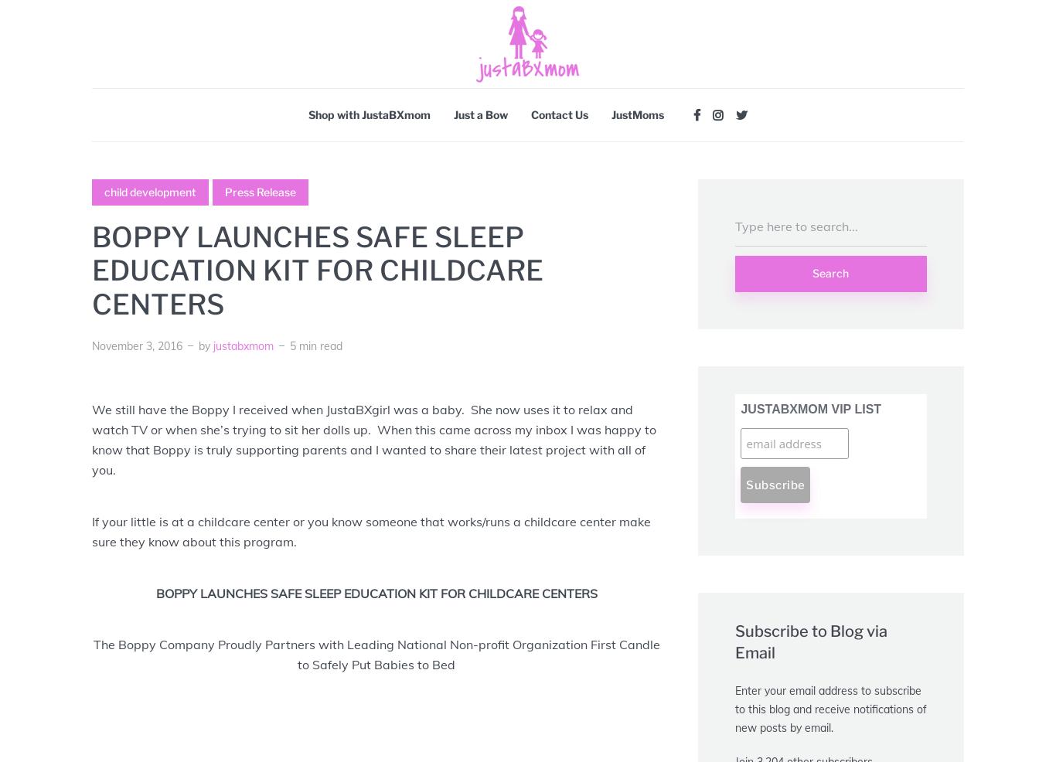  What do you see at coordinates (810, 641) in the screenshot?
I see `'Subscribe to Blog via Email'` at bounding box center [810, 641].